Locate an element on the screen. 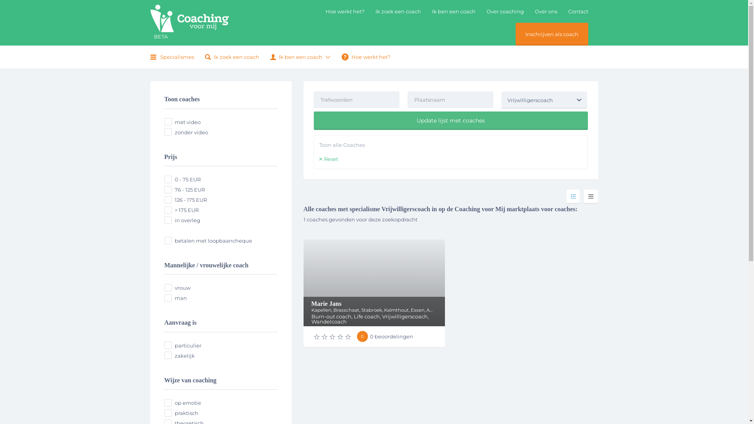  'practical' is located at coordinates (167, 413).